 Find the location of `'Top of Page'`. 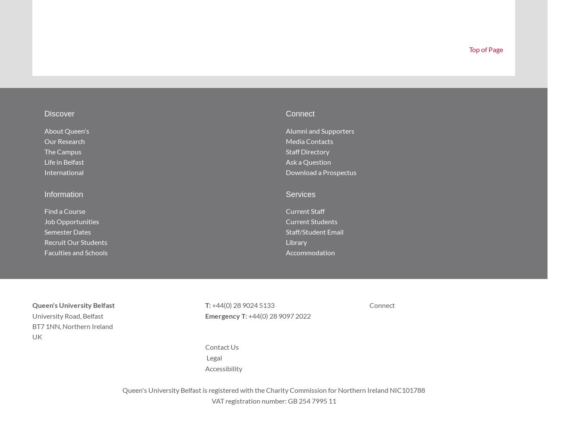

'Top of Page' is located at coordinates (469, 49).